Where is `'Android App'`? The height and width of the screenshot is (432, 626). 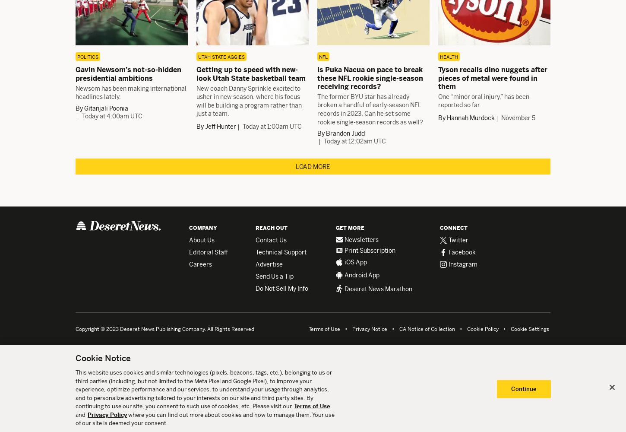
'Android App' is located at coordinates (362, 275).